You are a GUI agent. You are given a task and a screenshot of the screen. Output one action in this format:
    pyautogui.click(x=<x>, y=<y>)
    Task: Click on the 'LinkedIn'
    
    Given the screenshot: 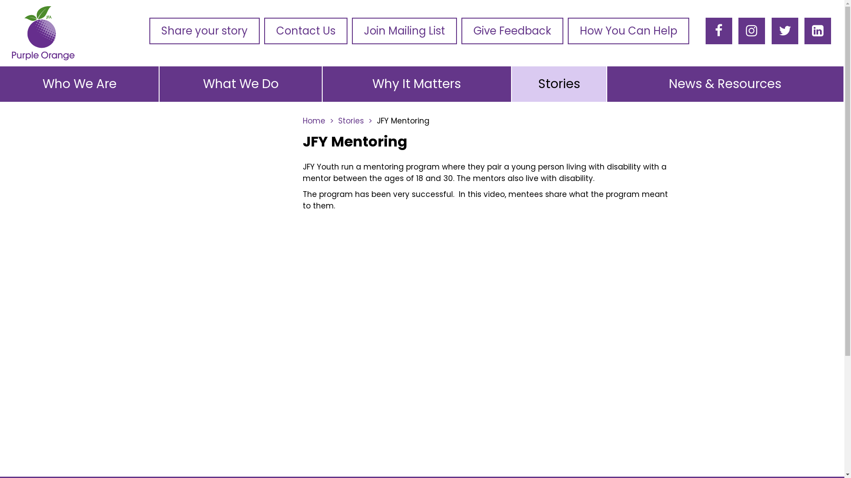 What is the action you would take?
    pyautogui.click(x=812, y=30)
    